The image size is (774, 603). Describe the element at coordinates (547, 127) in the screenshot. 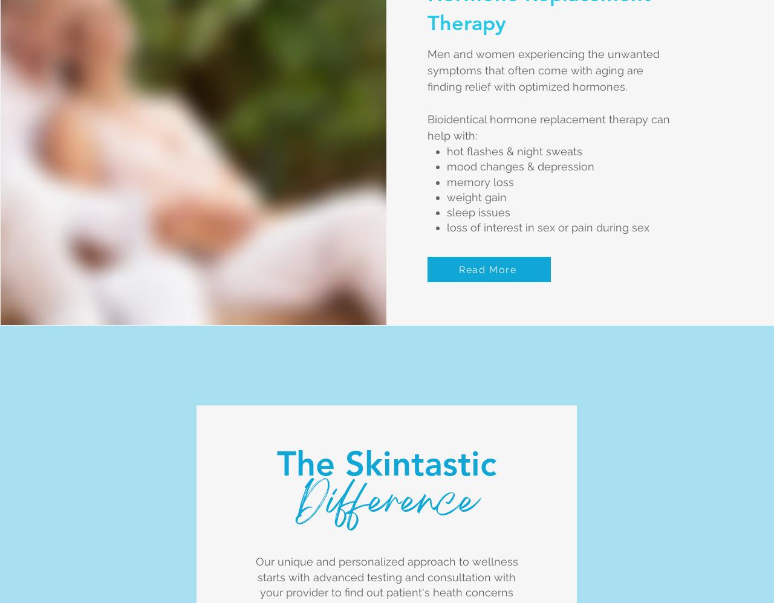

I see `'Bioidentical hormone replacement therapy can help with:'` at that location.